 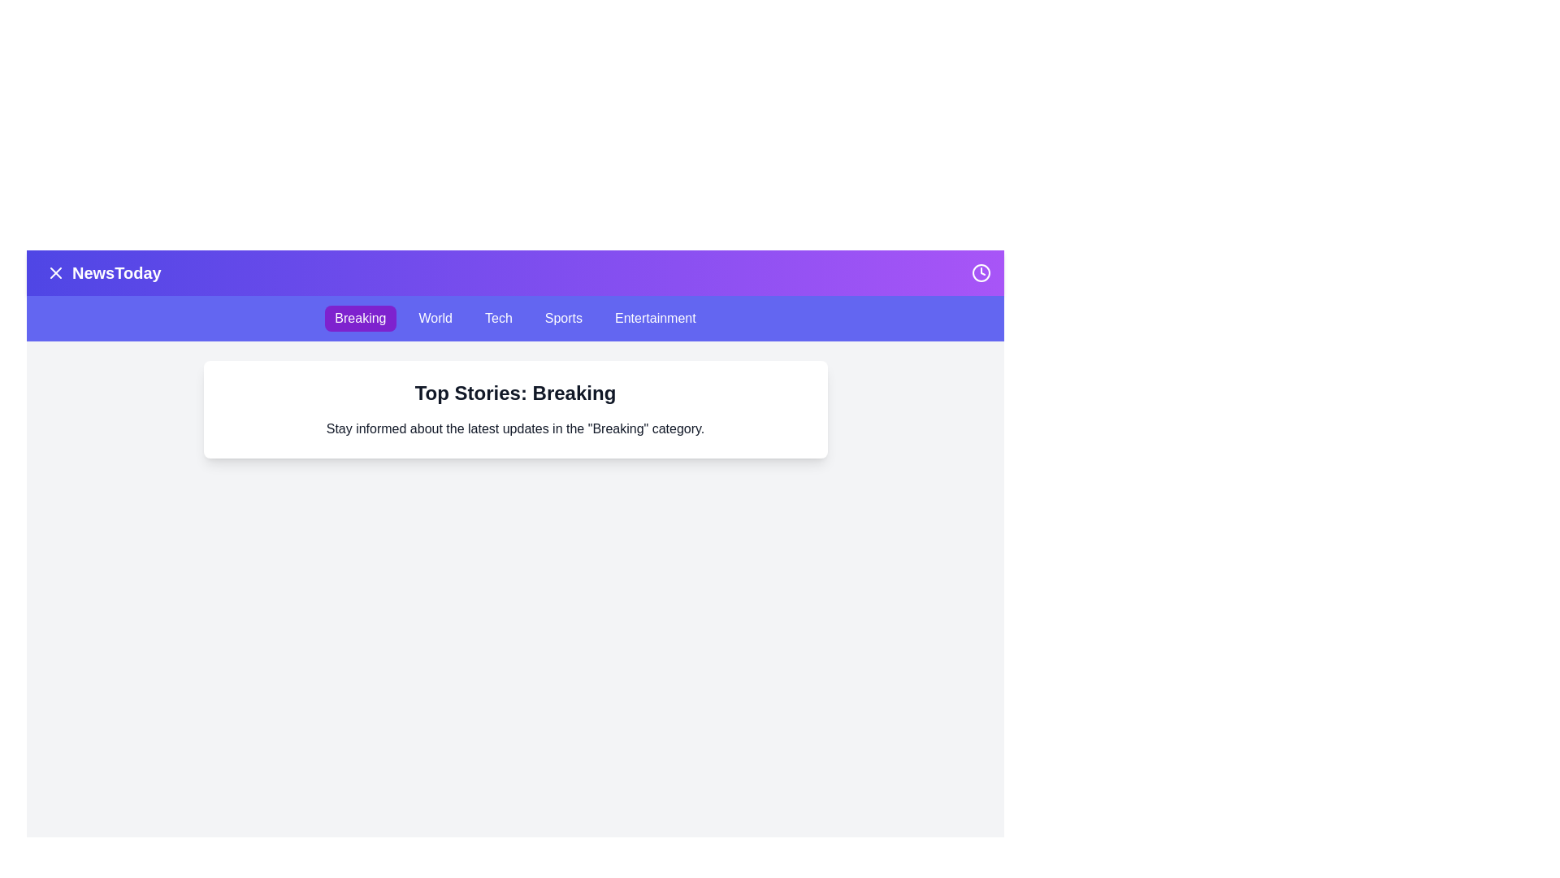 What do you see at coordinates (55, 272) in the screenshot?
I see `the menu button to toggle the menu visibility` at bounding box center [55, 272].